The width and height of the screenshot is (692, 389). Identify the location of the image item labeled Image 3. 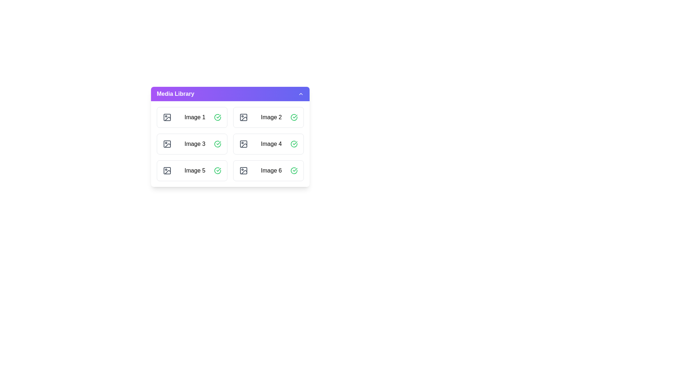
(192, 144).